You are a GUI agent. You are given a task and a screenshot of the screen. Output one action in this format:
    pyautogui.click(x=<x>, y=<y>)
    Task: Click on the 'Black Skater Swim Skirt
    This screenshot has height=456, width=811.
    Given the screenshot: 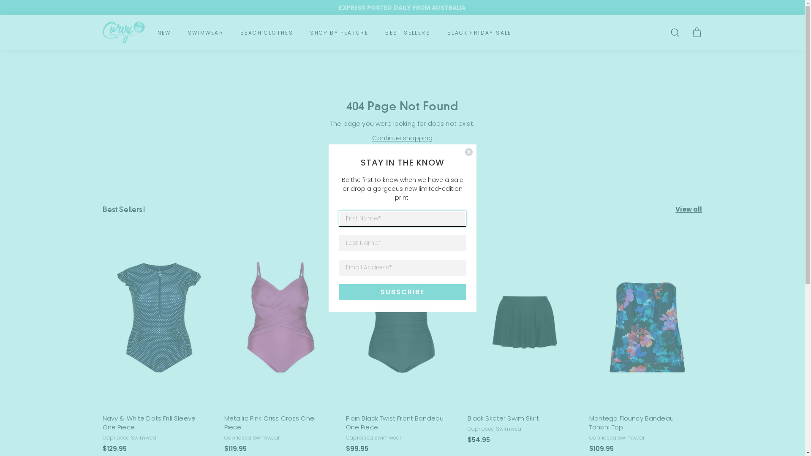 What is the action you would take?
    pyautogui.click(x=523, y=345)
    